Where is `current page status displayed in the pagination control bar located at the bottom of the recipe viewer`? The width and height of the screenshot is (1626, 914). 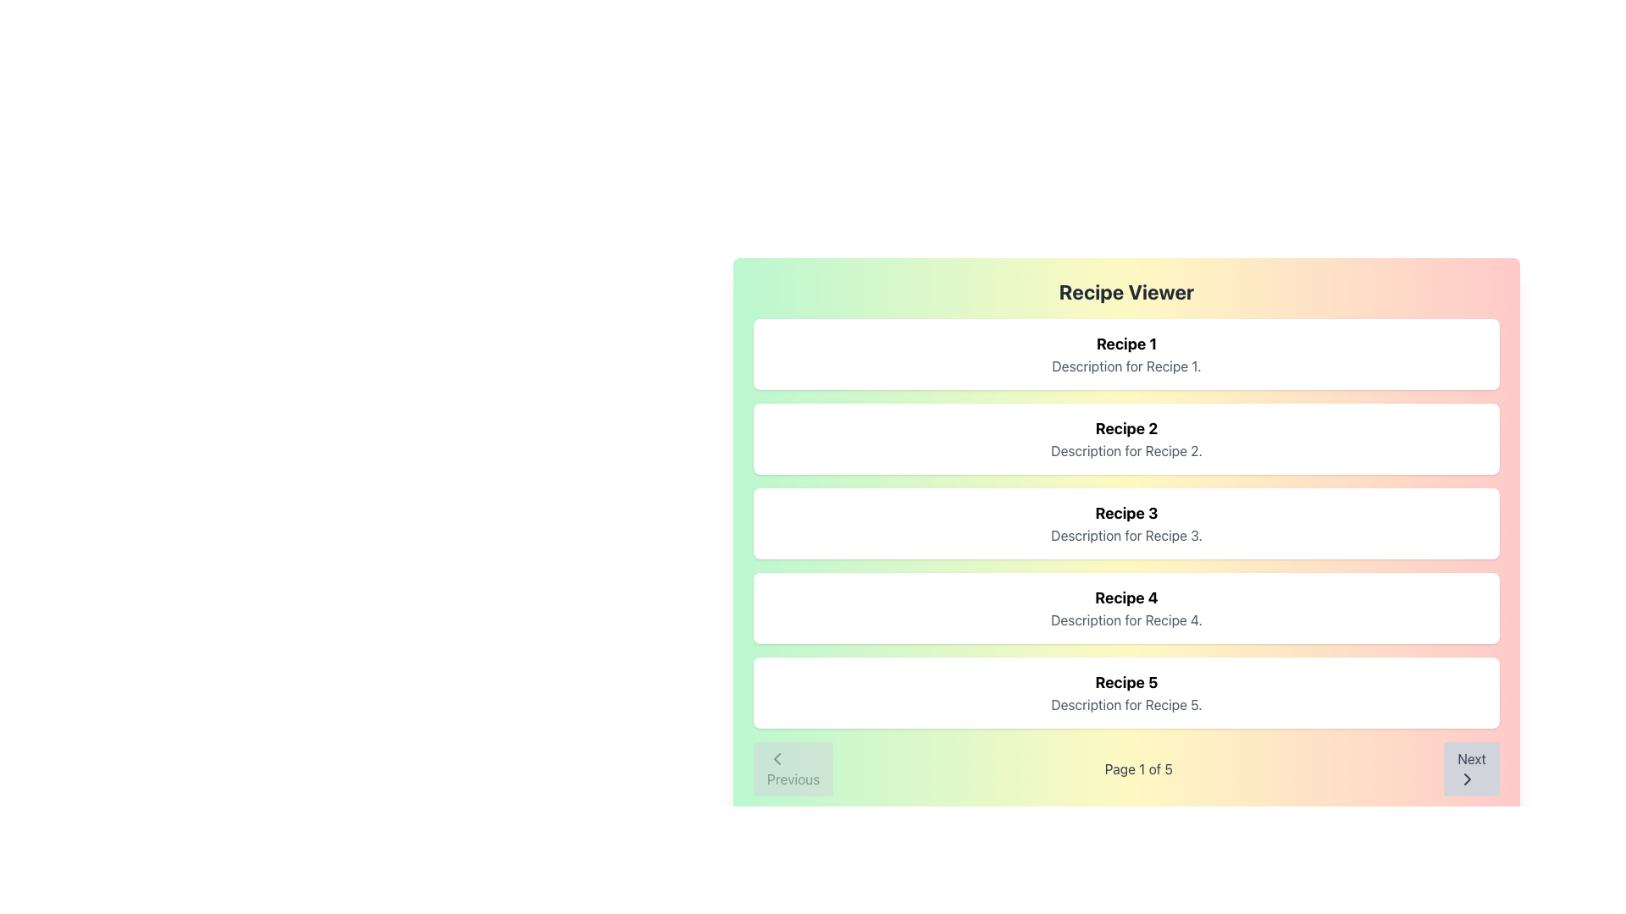 current page status displayed in the pagination control bar located at the bottom of the recipe viewer is located at coordinates (1126, 769).